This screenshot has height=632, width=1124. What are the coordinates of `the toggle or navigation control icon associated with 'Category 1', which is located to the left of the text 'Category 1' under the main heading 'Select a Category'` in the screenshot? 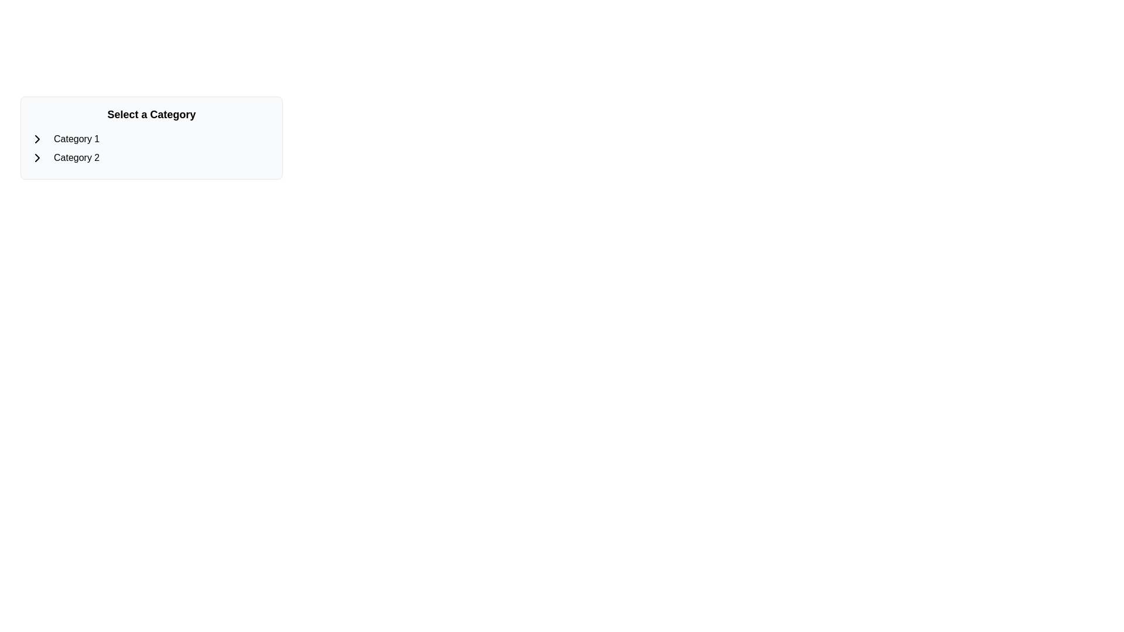 It's located at (37, 139).